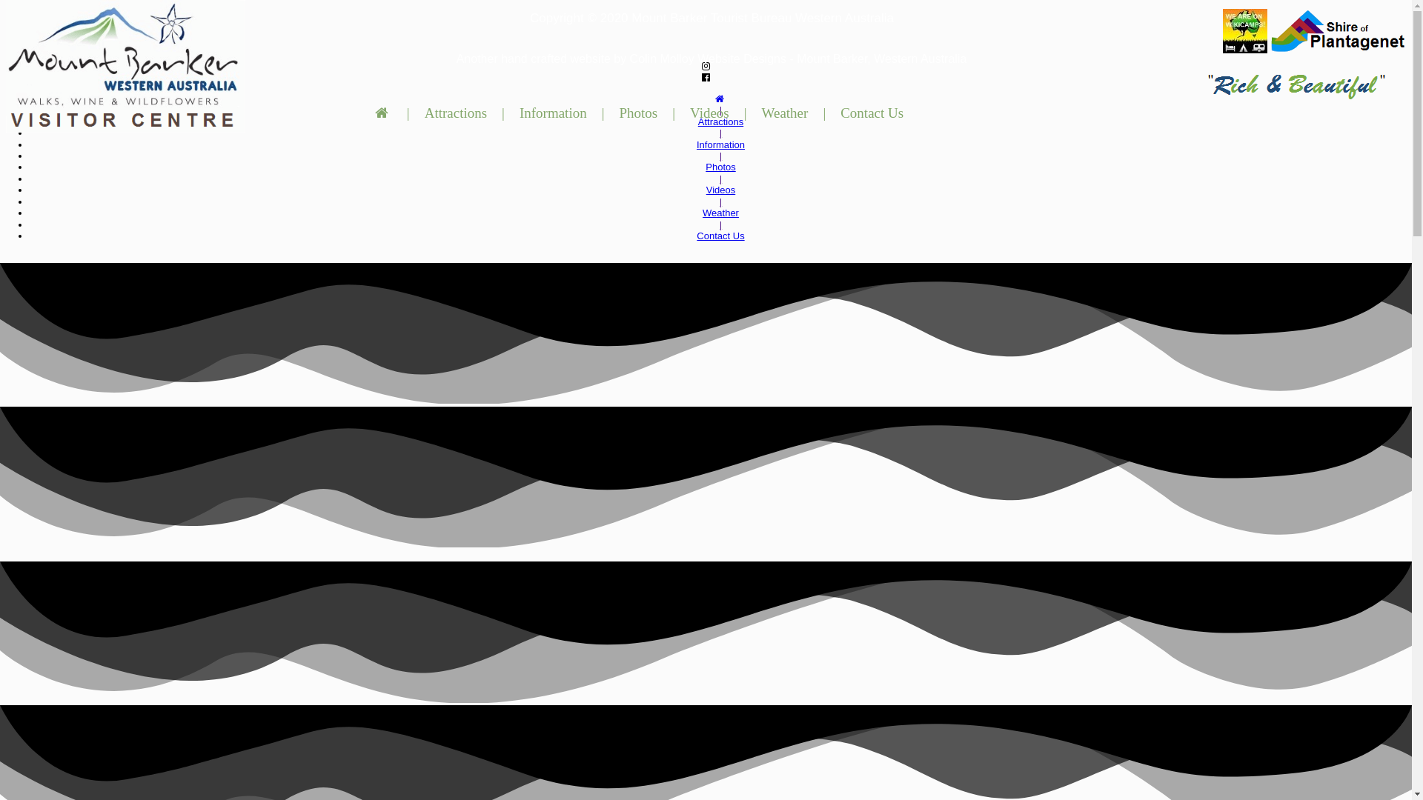  Describe the element at coordinates (720, 121) in the screenshot. I see `'Attractions'` at that location.